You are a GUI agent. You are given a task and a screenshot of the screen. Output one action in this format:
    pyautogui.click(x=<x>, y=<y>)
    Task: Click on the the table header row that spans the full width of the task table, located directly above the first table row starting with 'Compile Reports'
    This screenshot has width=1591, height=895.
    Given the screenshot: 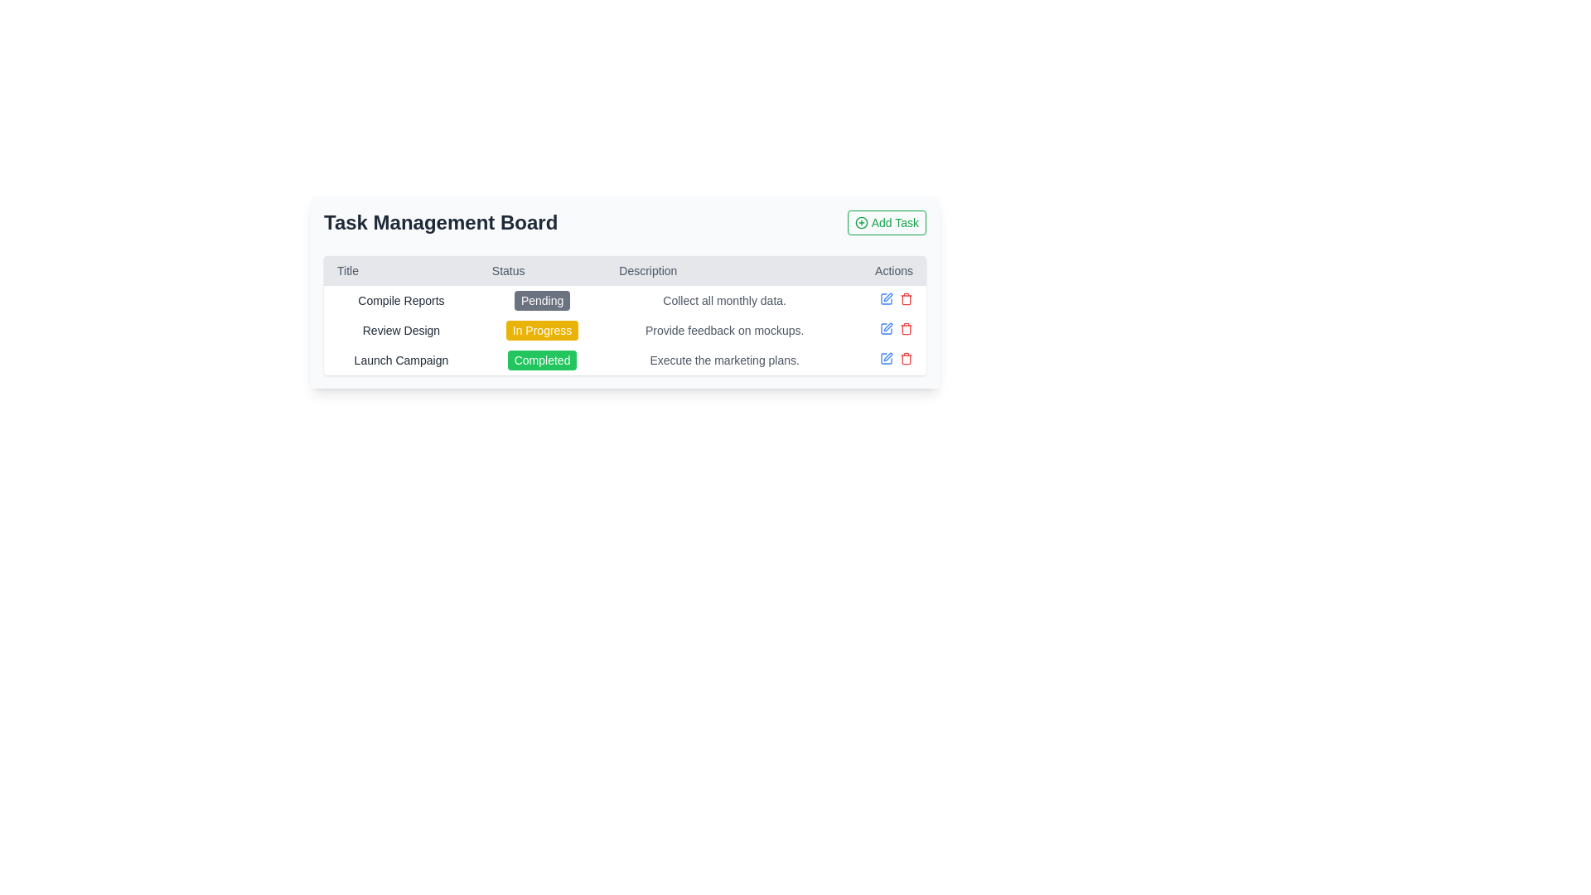 What is the action you would take?
    pyautogui.click(x=624, y=270)
    